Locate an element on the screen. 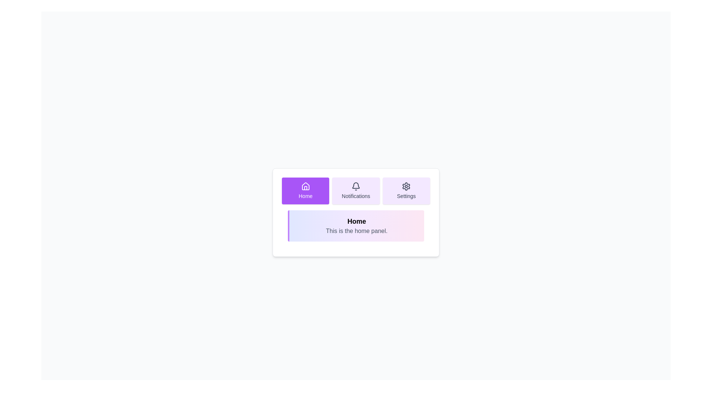  the 'Home' button located at the top left of the button group is located at coordinates (305, 191).